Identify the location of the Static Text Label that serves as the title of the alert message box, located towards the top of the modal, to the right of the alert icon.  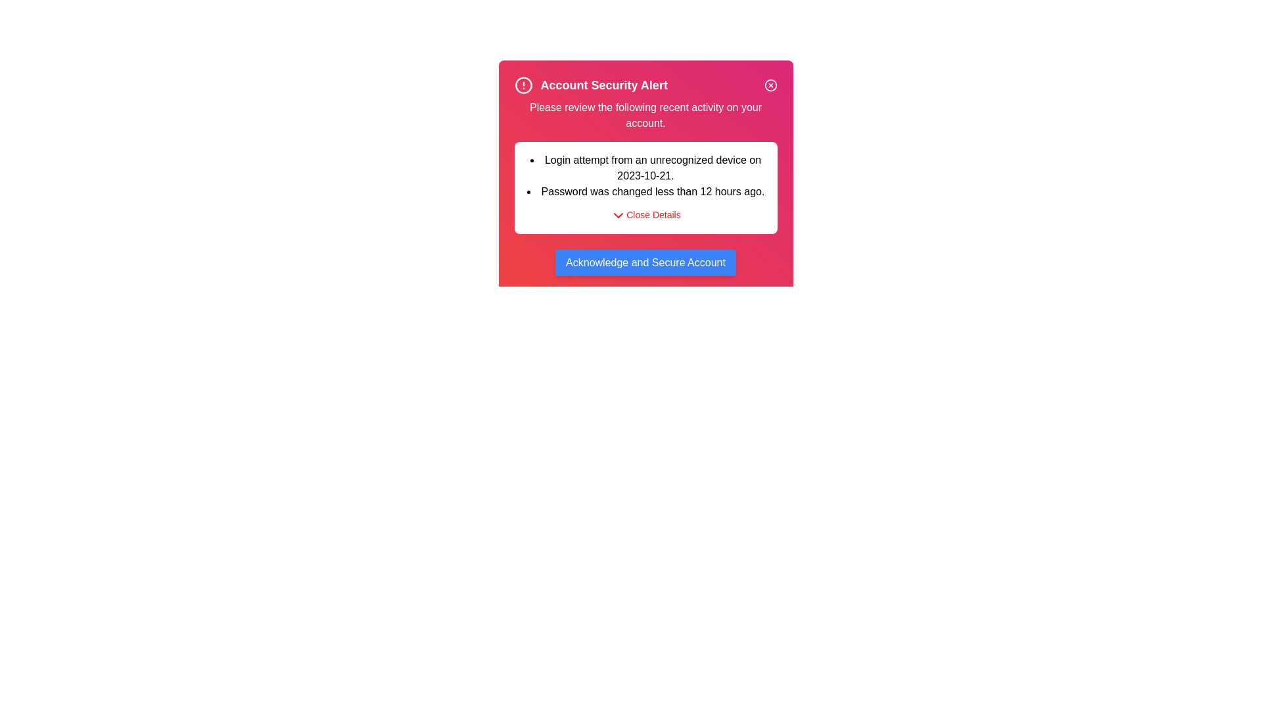
(603, 85).